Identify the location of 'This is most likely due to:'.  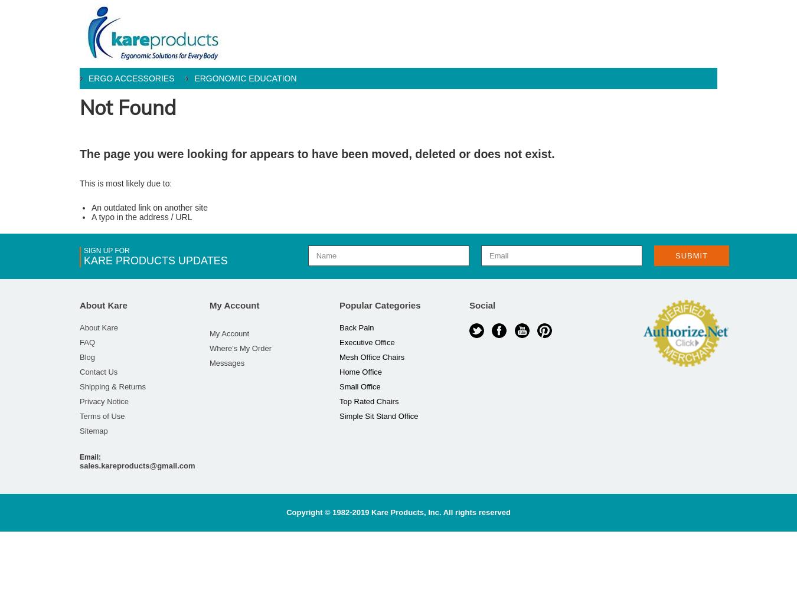
(80, 183).